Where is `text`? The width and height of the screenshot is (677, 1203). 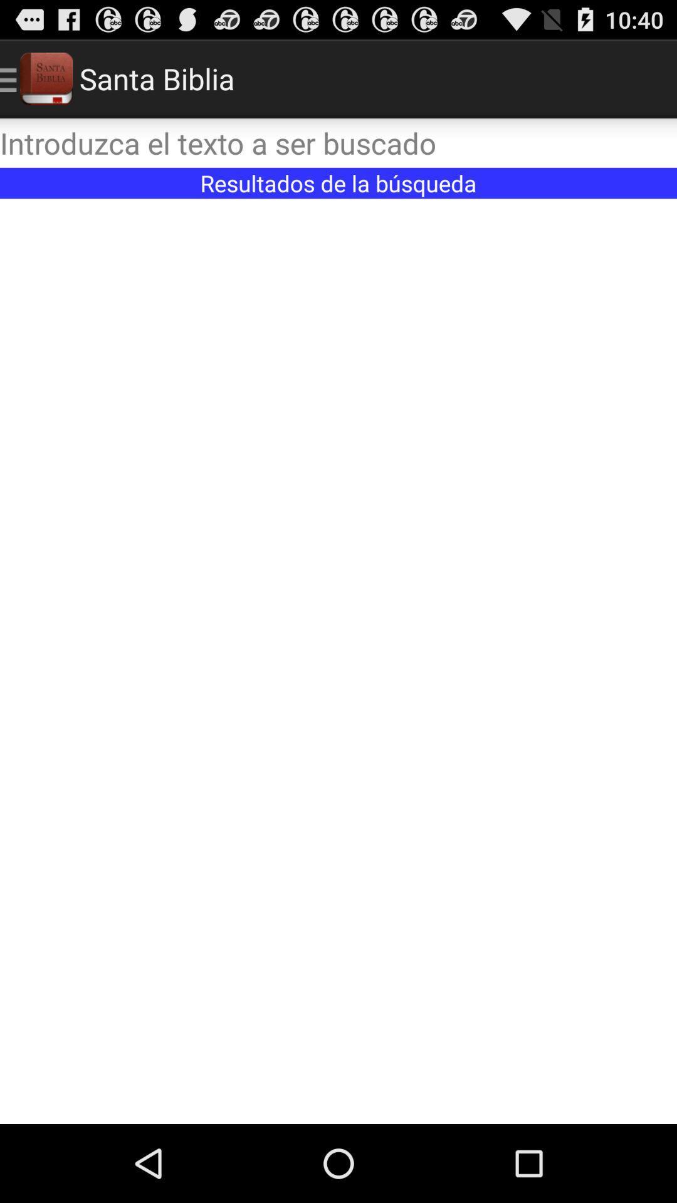
text is located at coordinates (338, 143).